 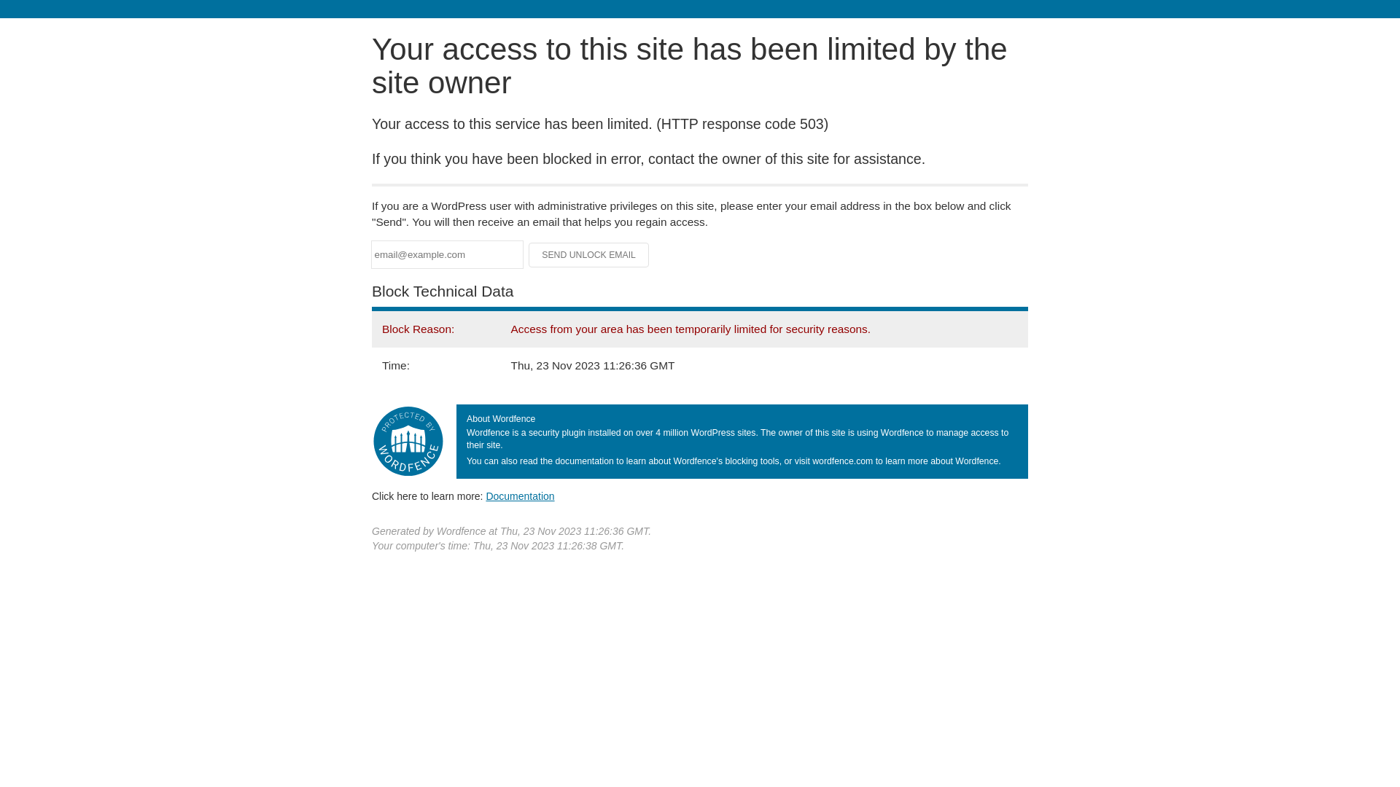 What do you see at coordinates (588, 254) in the screenshot?
I see `'Send Unlock Email'` at bounding box center [588, 254].